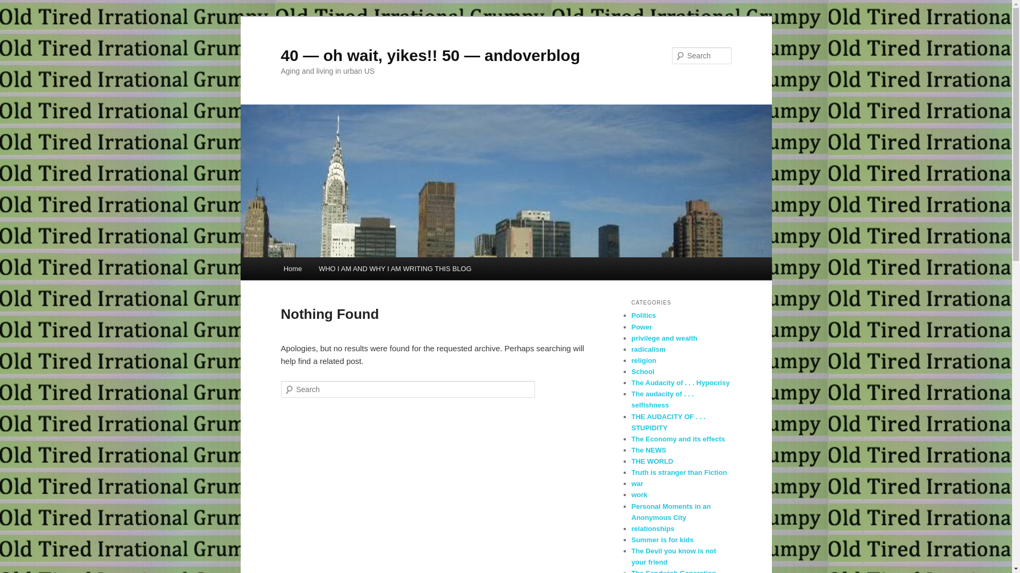 Image resolution: width=1020 pixels, height=573 pixels. Describe the element at coordinates (631, 371) in the screenshot. I see `'School'` at that location.